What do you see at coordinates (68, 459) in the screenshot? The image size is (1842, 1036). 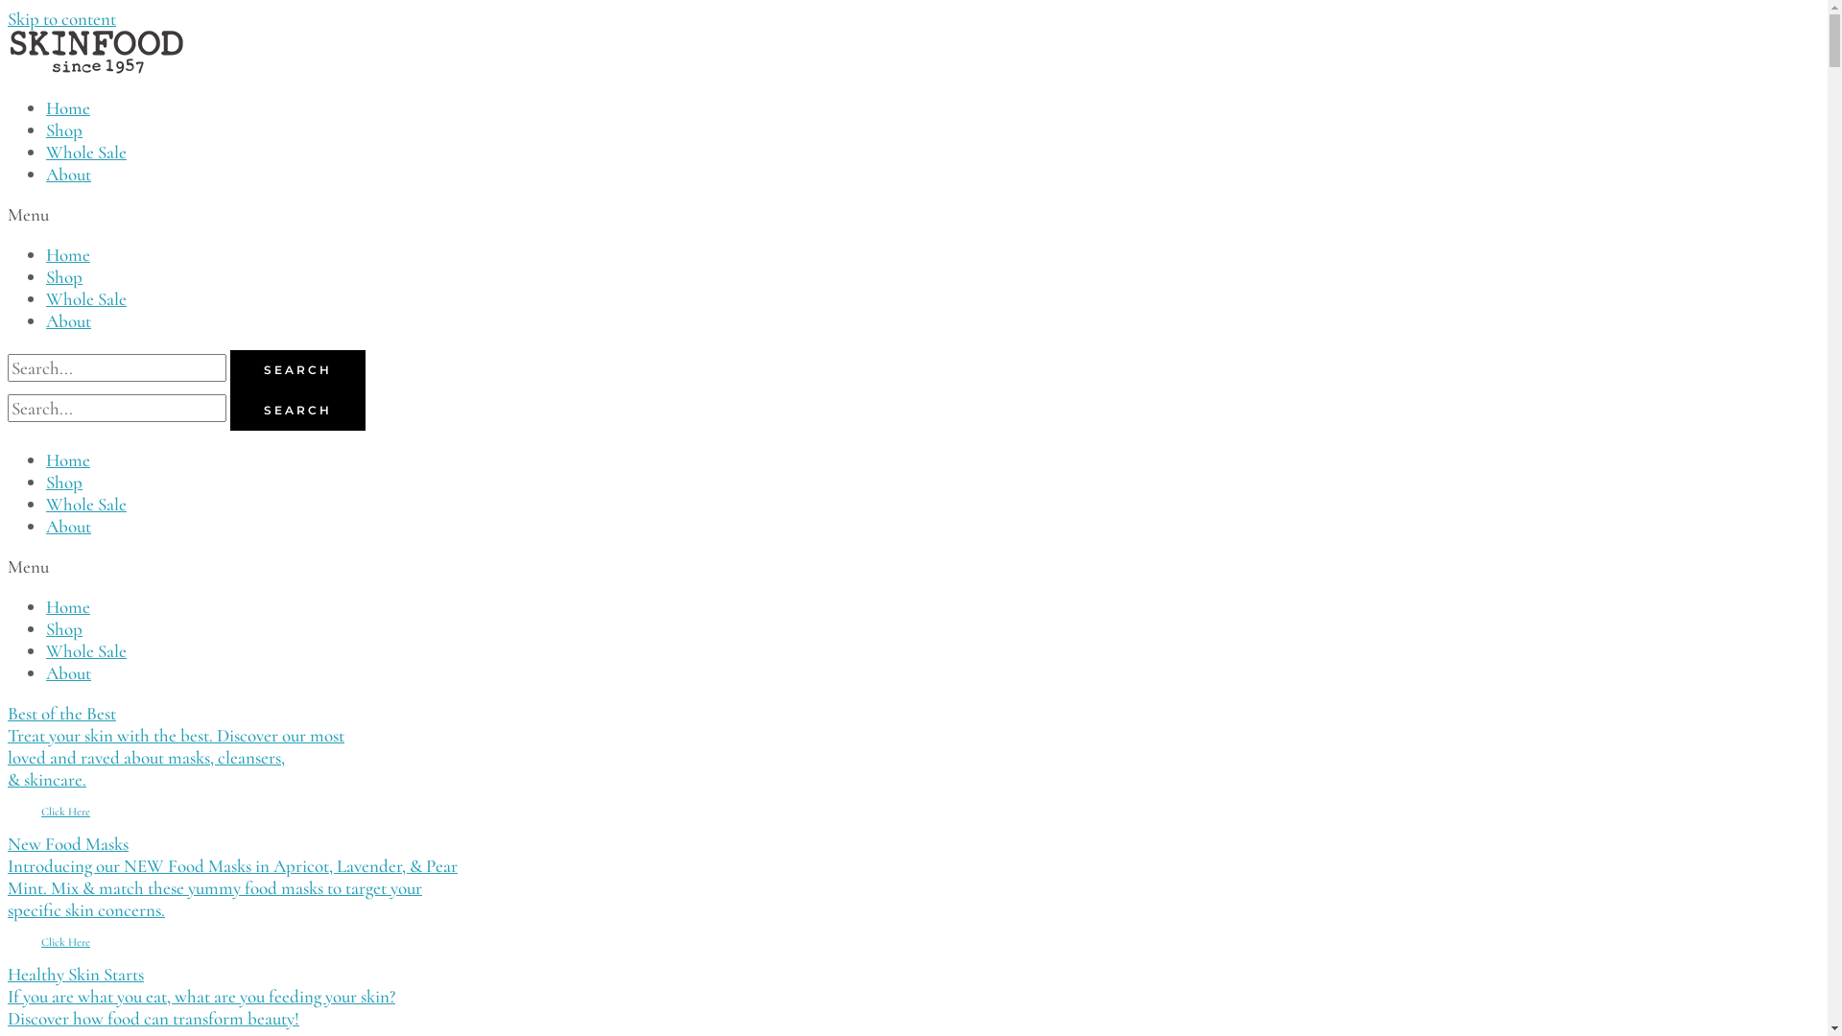 I see `'Home'` at bounding box center [68, 459].